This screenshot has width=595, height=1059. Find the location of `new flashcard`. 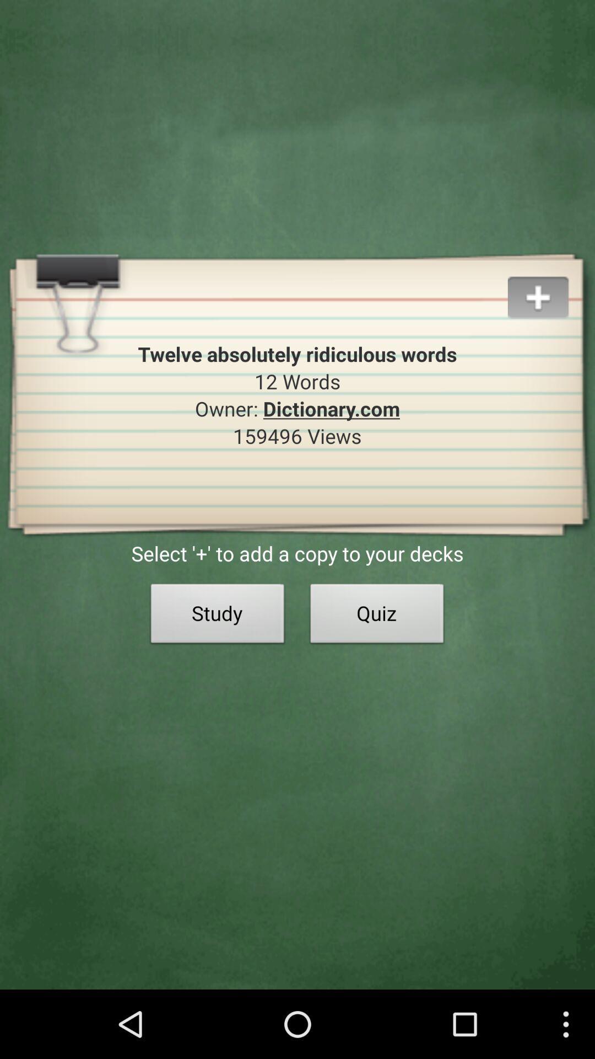

new flashcard is located at coordinates (551, 284).